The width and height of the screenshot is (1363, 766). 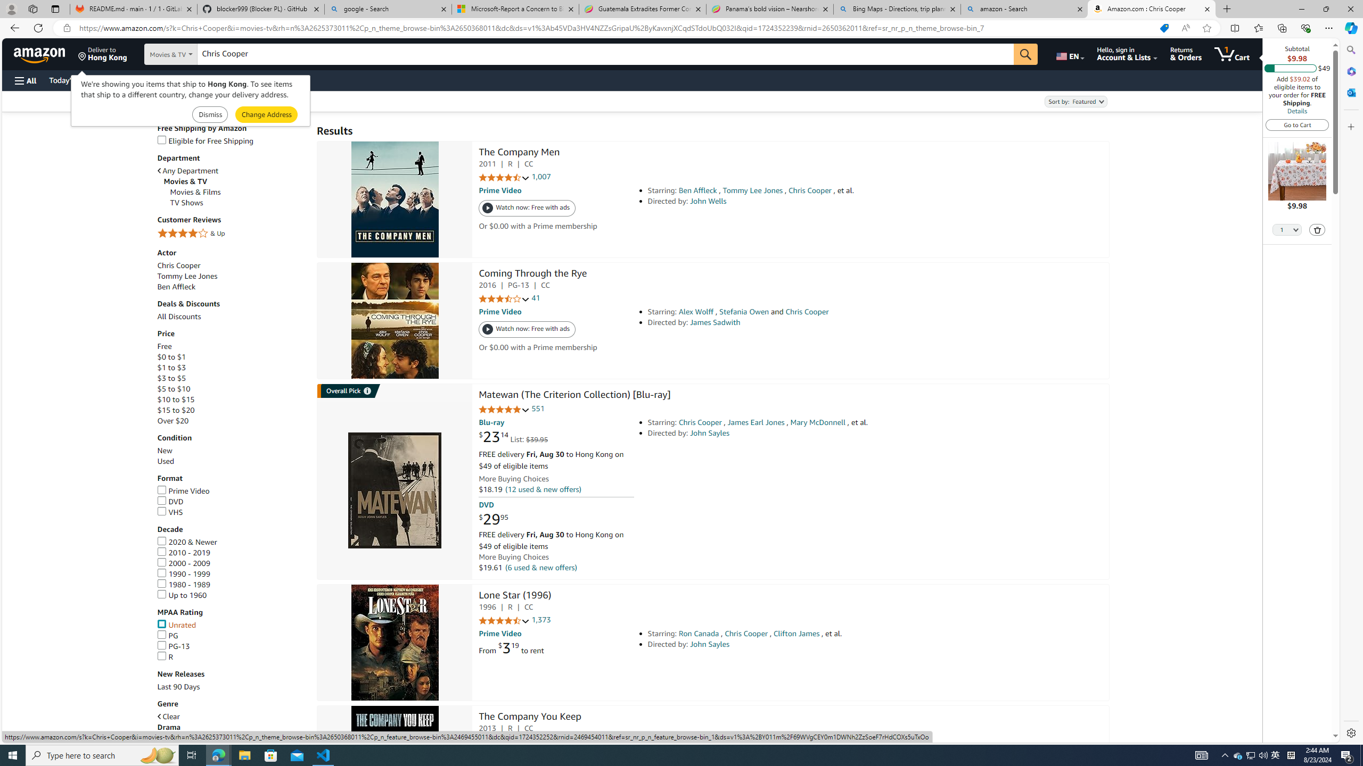 I want to click on '$23.14 List: $39.95', so click(x=512, y=436).